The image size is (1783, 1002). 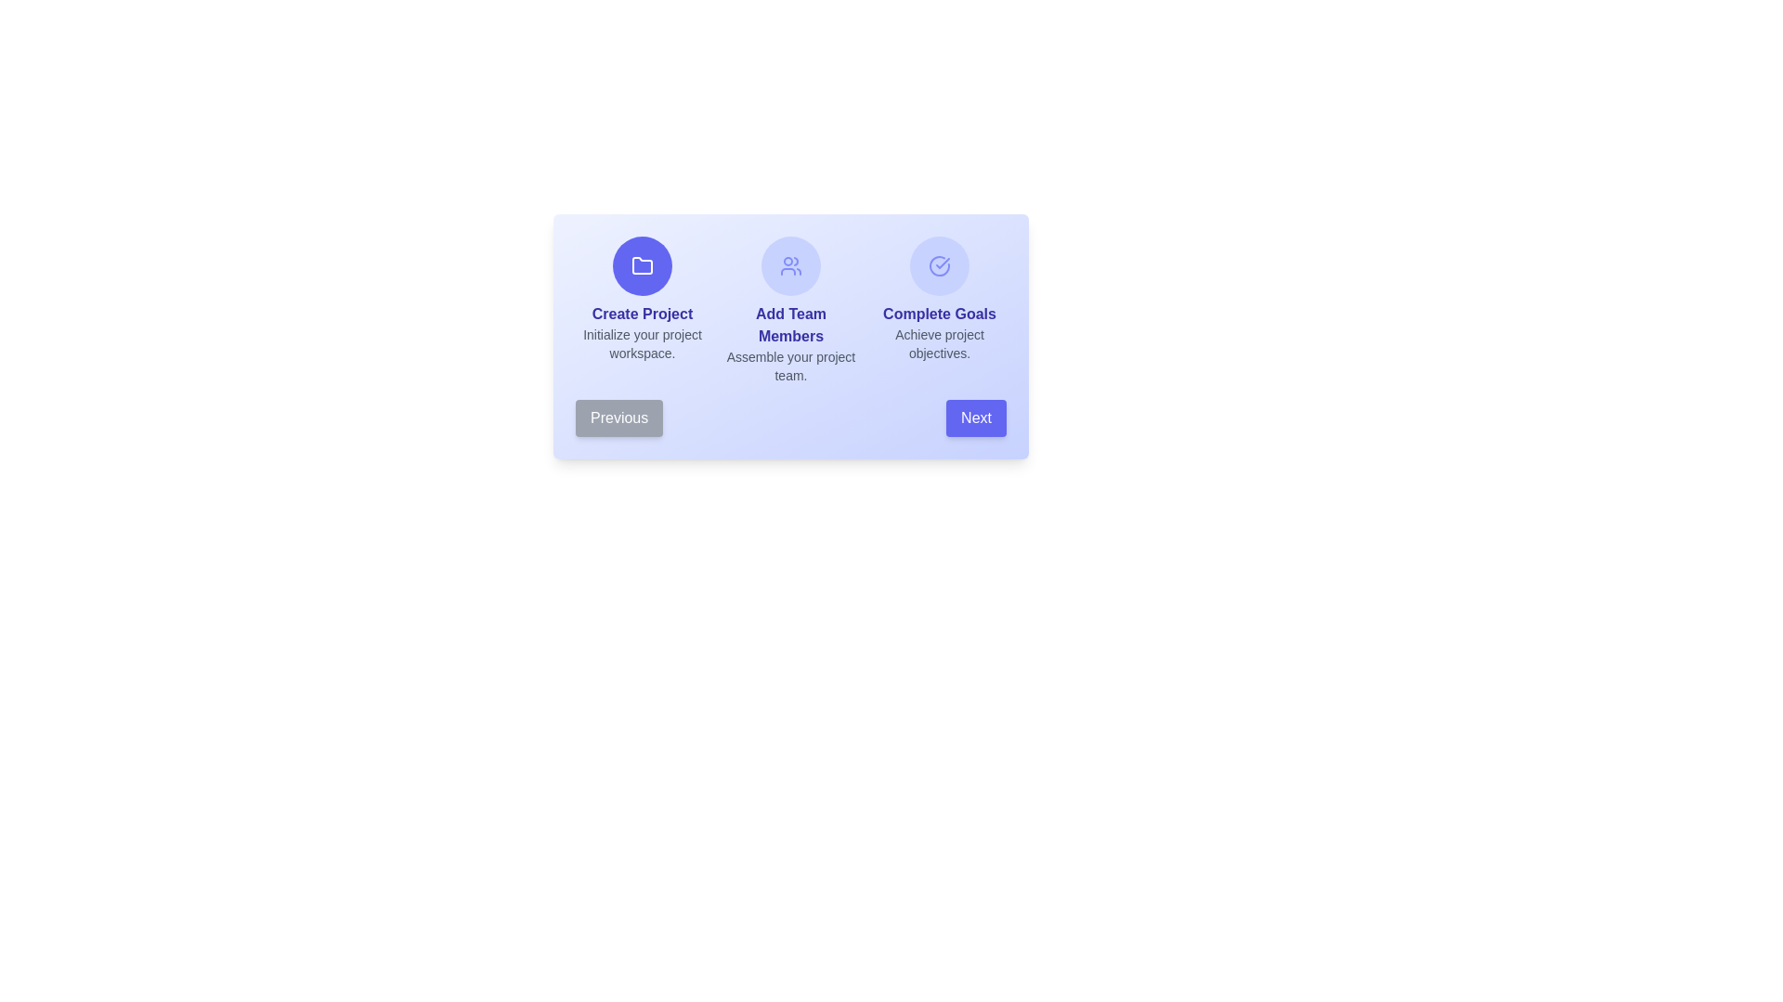 I want to click on the step icon corresponding to Create Project to view its description, so click(x=642, y=265).